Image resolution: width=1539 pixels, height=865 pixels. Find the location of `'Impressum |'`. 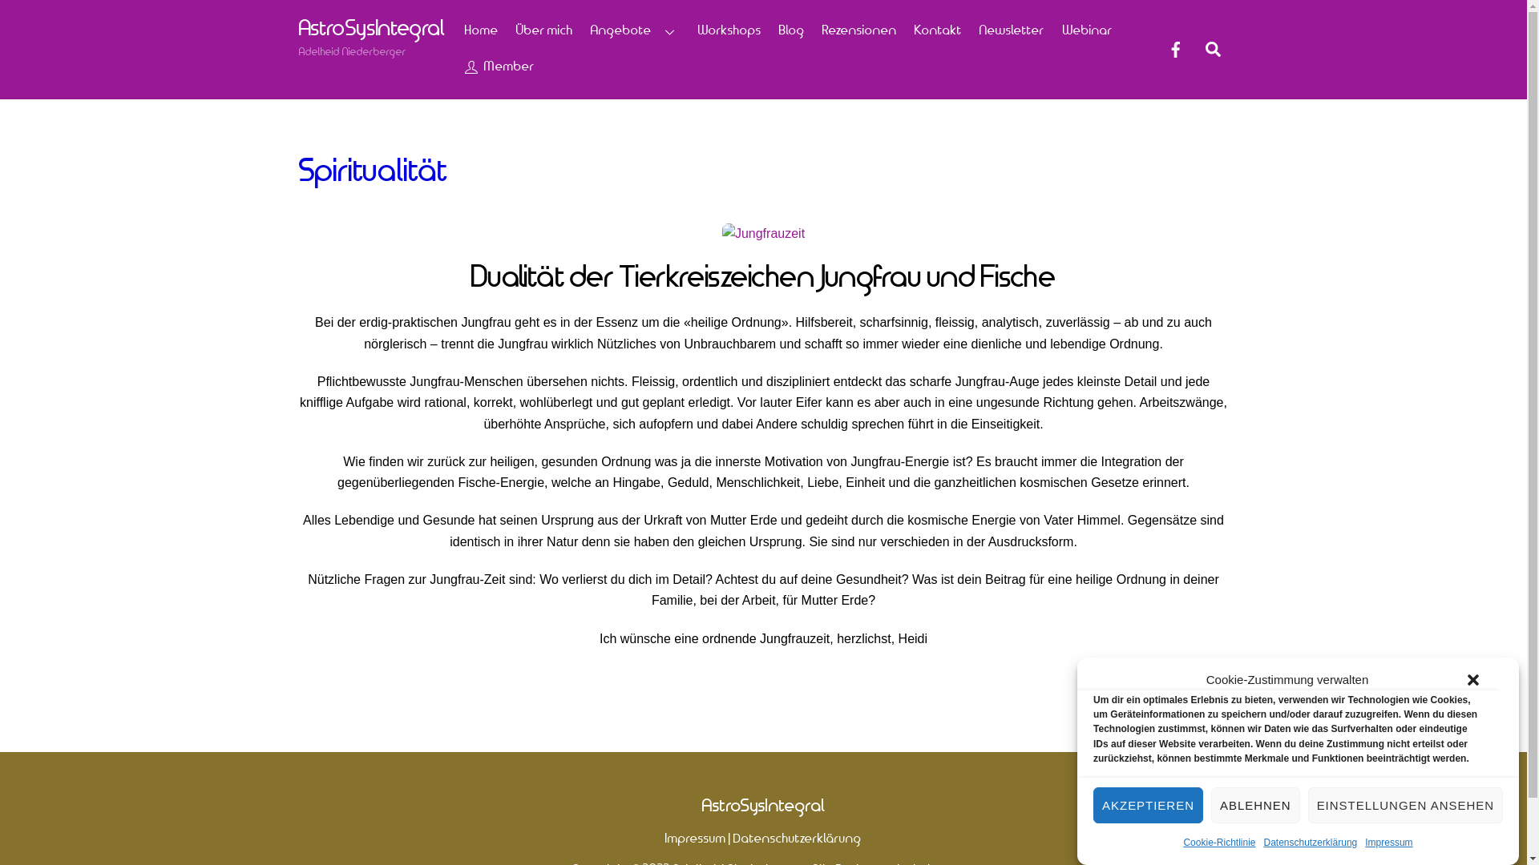

'Impressum |' is located at coordinates (699, 838).